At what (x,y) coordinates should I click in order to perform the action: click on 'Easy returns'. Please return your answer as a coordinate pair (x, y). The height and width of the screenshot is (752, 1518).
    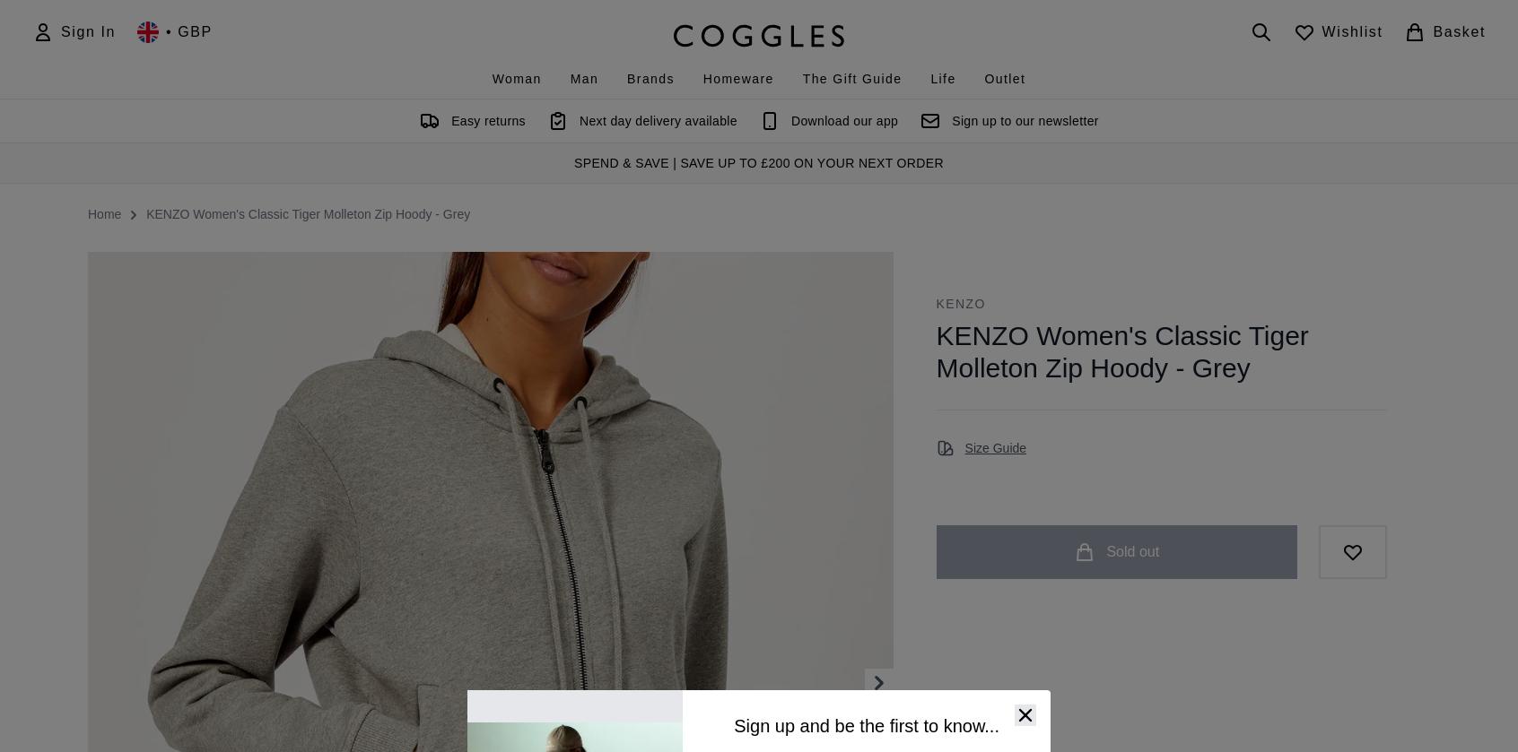
    Looking at the image, I should click on (451, 120).